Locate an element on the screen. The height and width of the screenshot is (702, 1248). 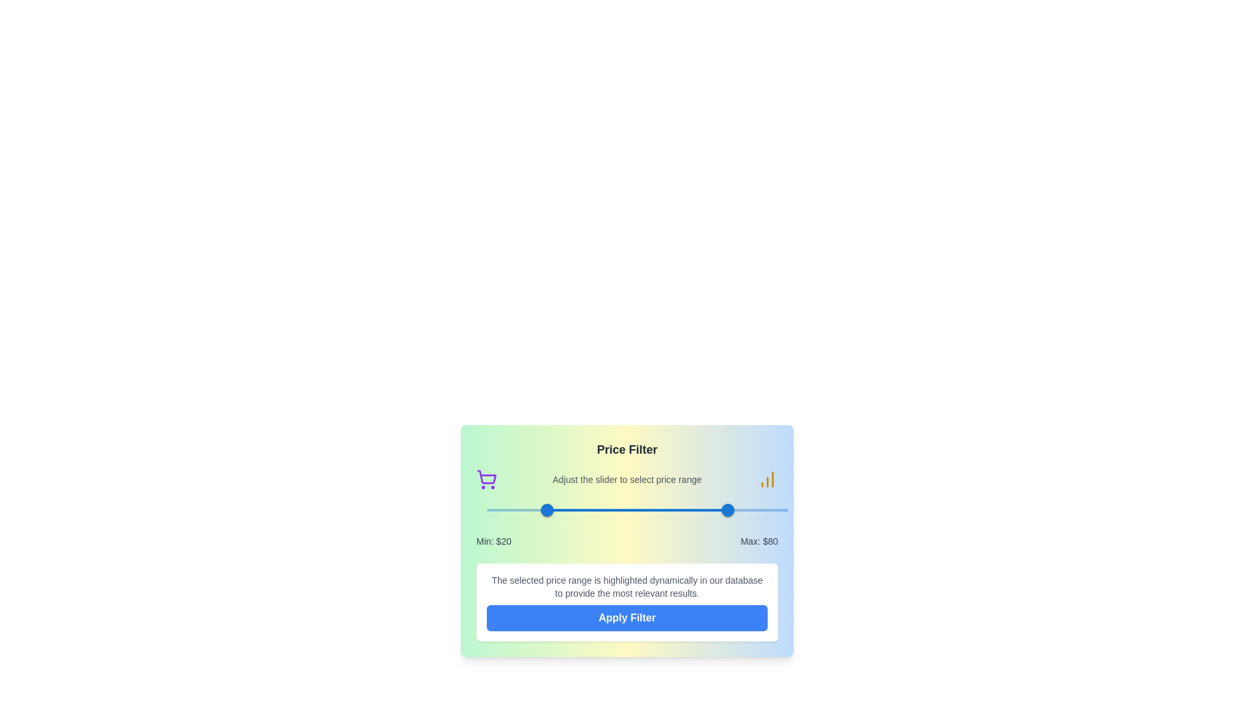
descriptive text located at the bottom of the 'Price Filter' card component, which includes a confirmation button for applying filter settings is located at coordinates (627, 602).